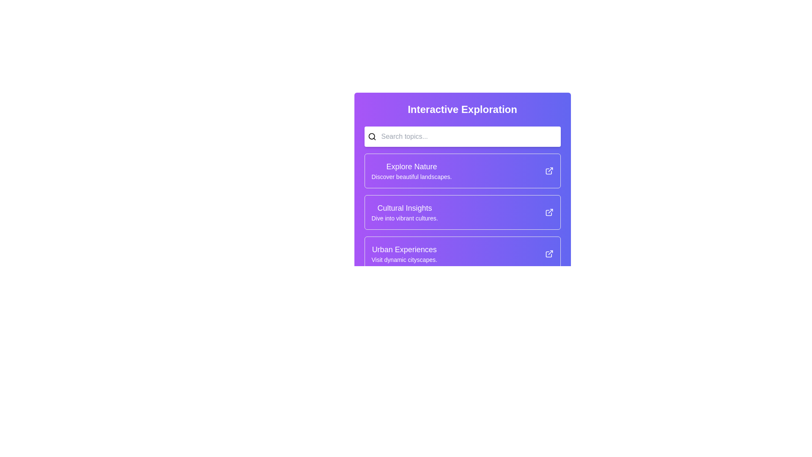 Image resolution: width=812 pixels, height=457 pixels. Describe the element at coordinates (411, 176) in the screenshot. I see `the text label displaying 'Discover beautiful landscapes.' which is positioned below 'Explore Nature' in a gradient purple background` at that location.